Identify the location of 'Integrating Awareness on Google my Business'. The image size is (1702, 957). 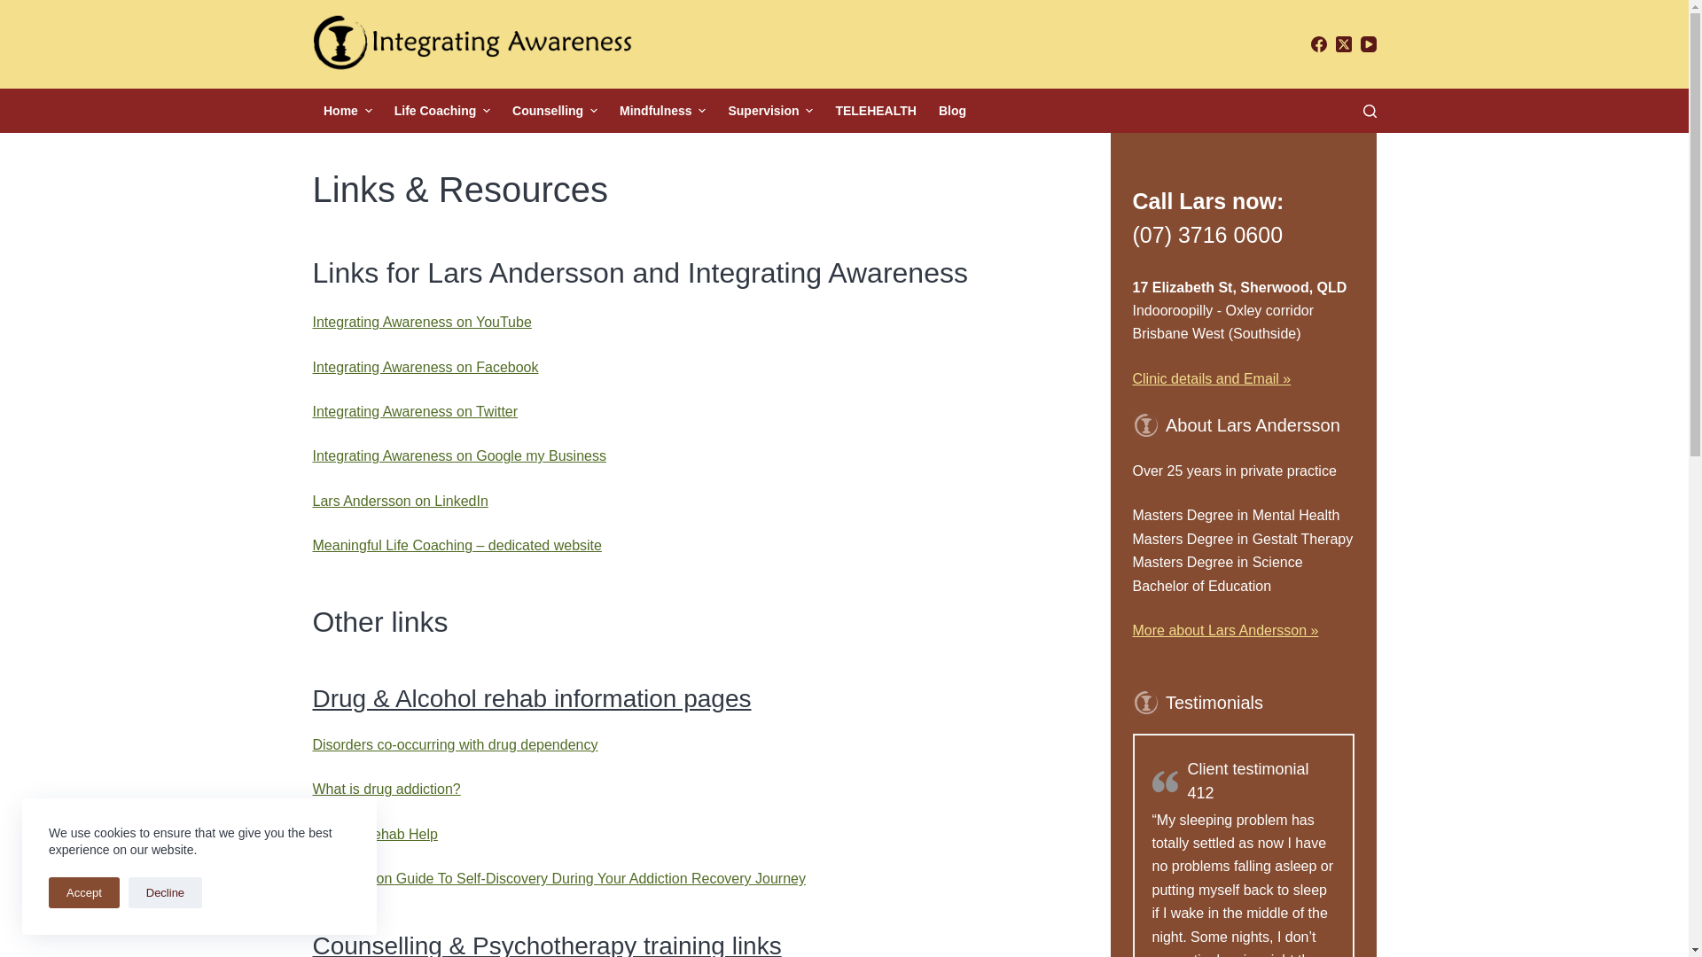
(458, 455).